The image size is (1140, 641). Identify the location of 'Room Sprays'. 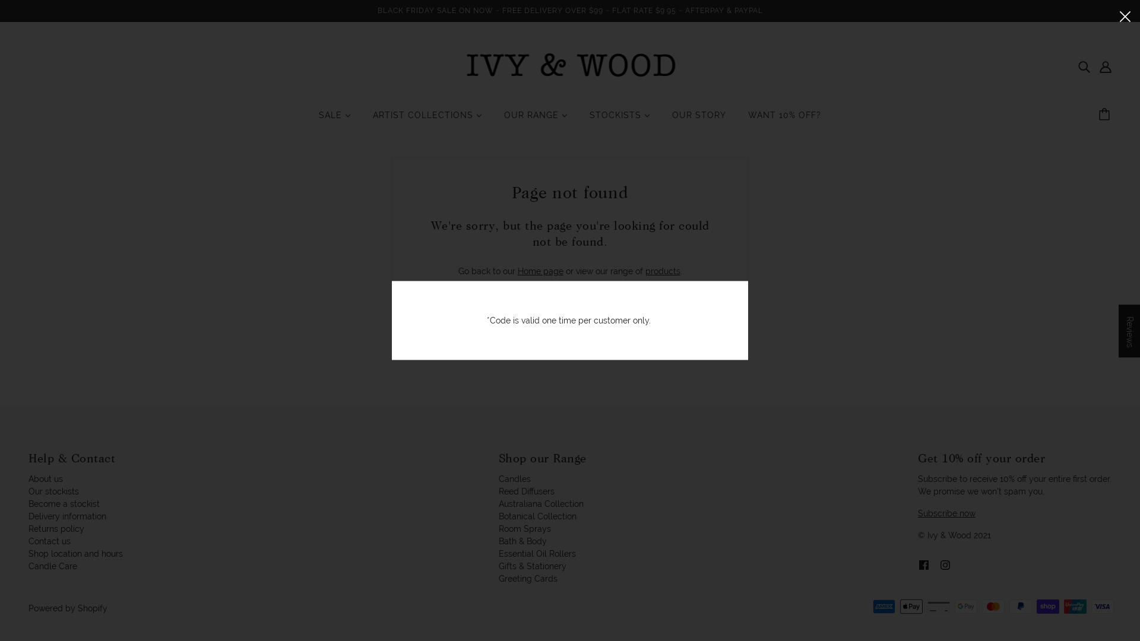
(524, 528).